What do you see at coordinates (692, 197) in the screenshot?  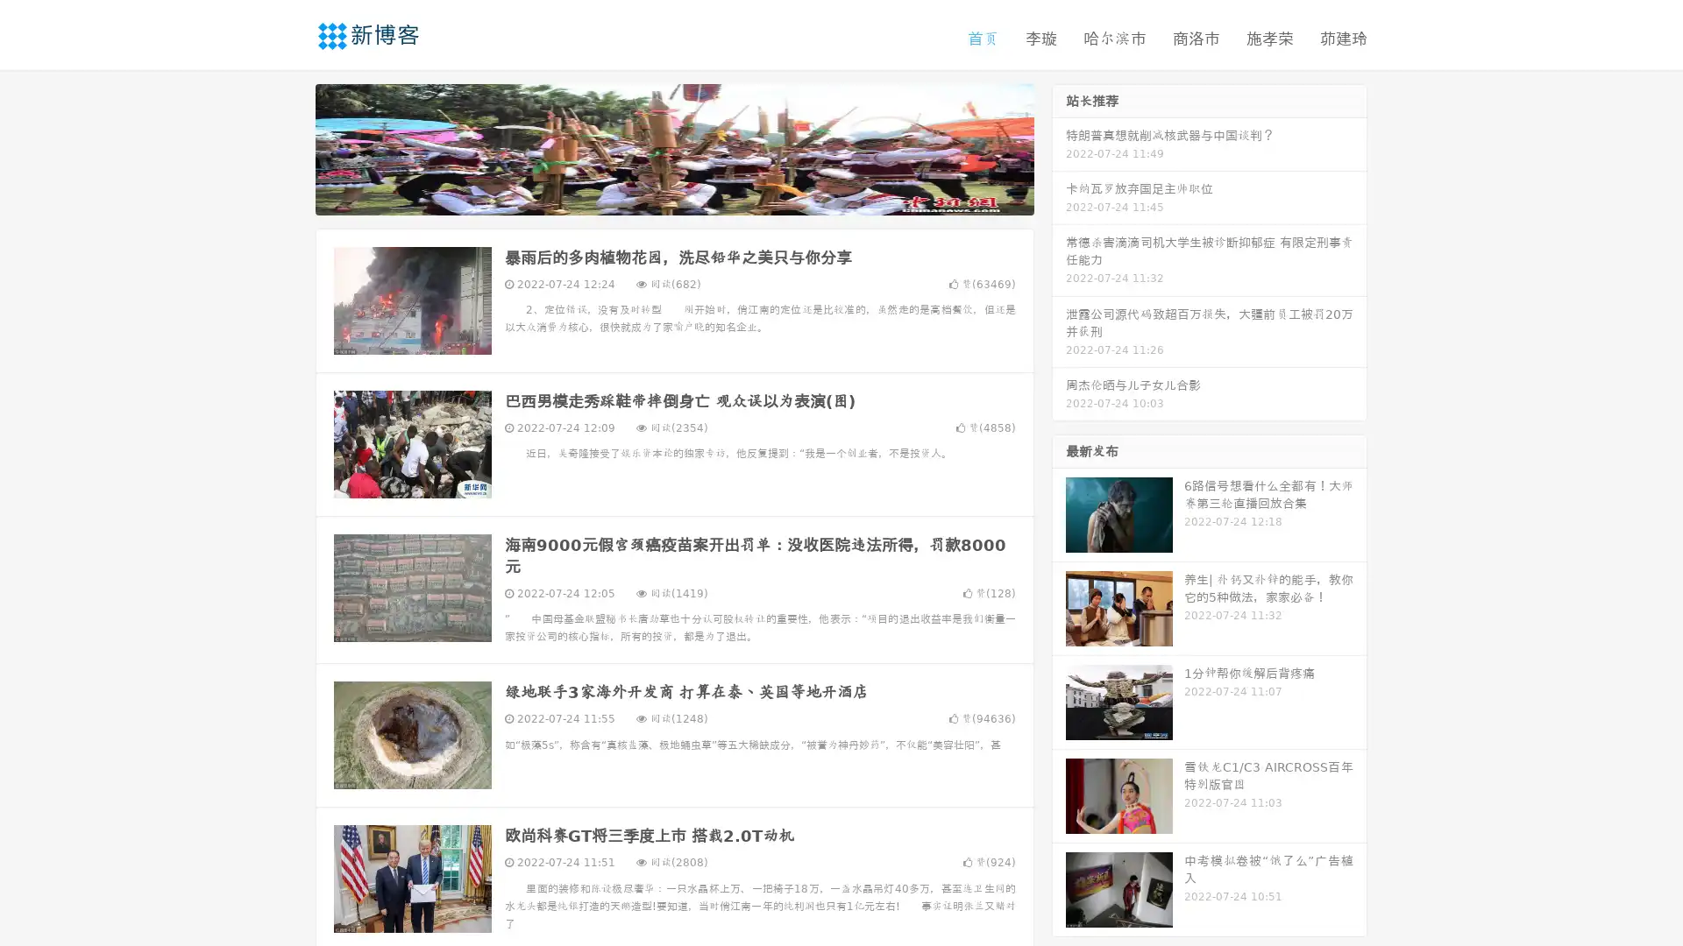 I see `Go to slide 3` at bounding box center [692, 197].